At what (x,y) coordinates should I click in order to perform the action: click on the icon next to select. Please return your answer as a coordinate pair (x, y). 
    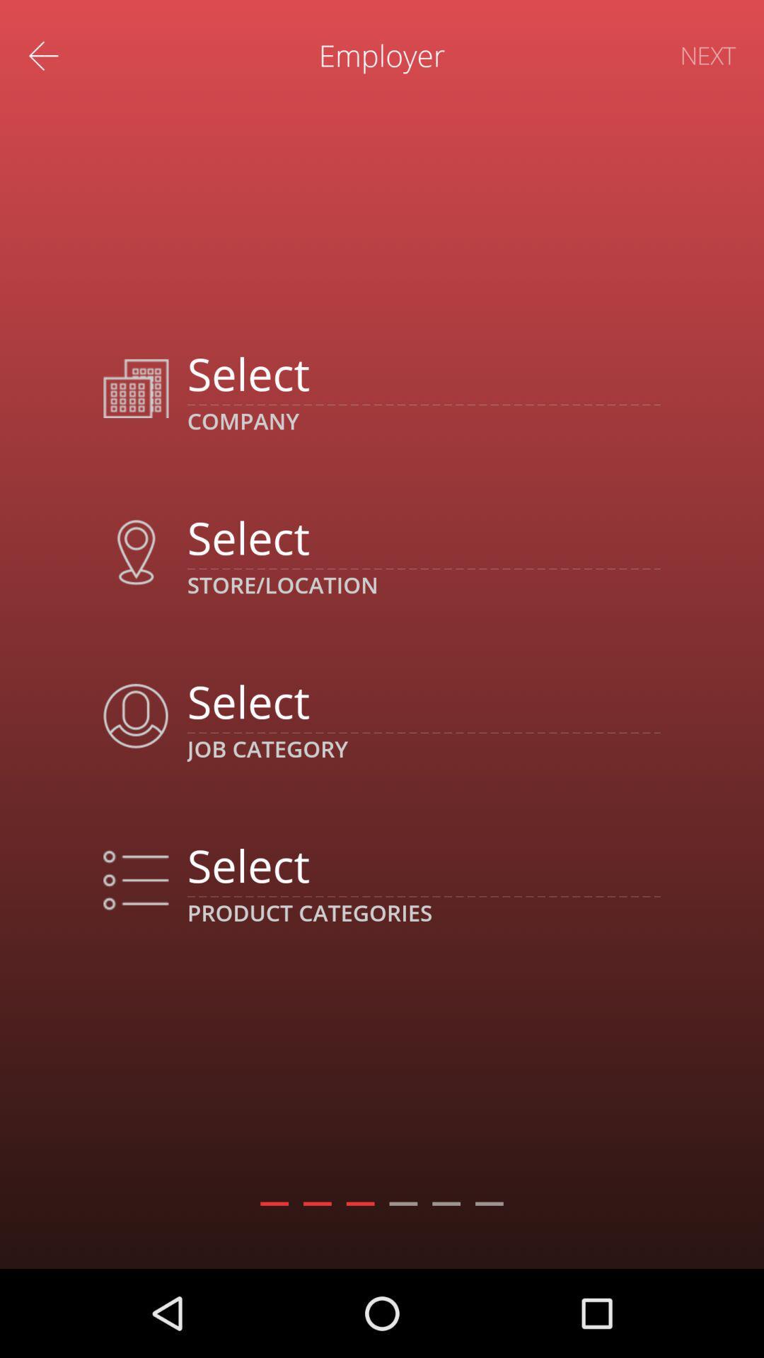
    Looking at the image, I should click on (136, 879).